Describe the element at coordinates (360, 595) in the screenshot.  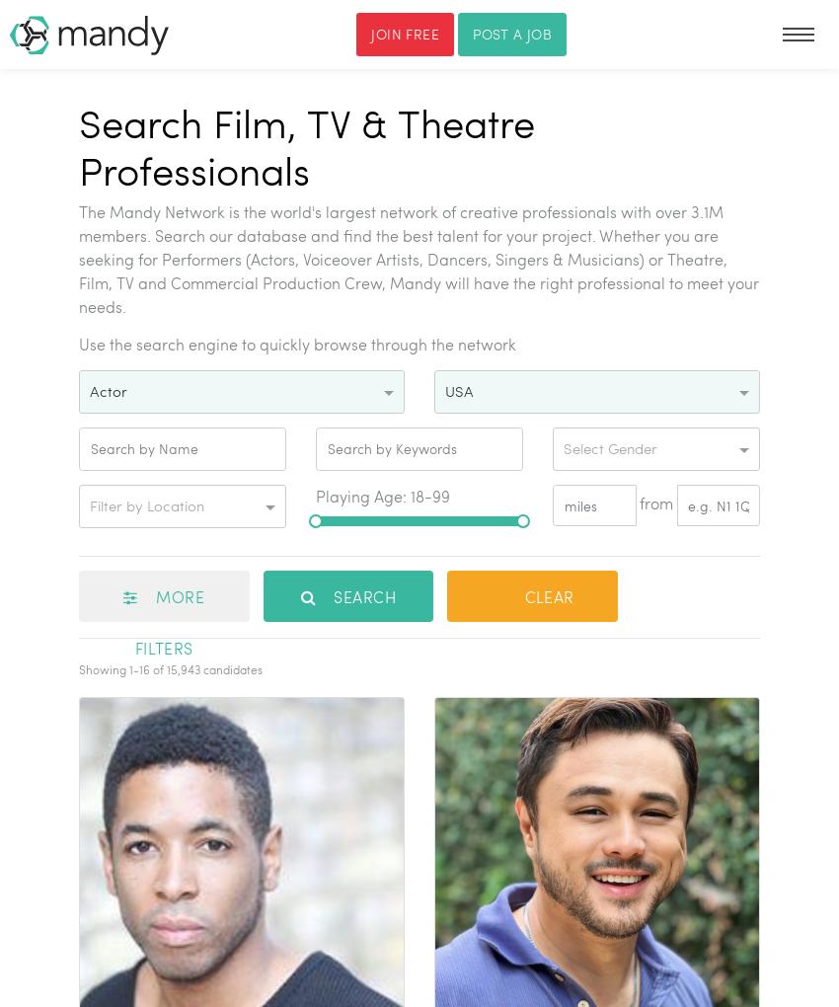
I see `'Search'` at that location.